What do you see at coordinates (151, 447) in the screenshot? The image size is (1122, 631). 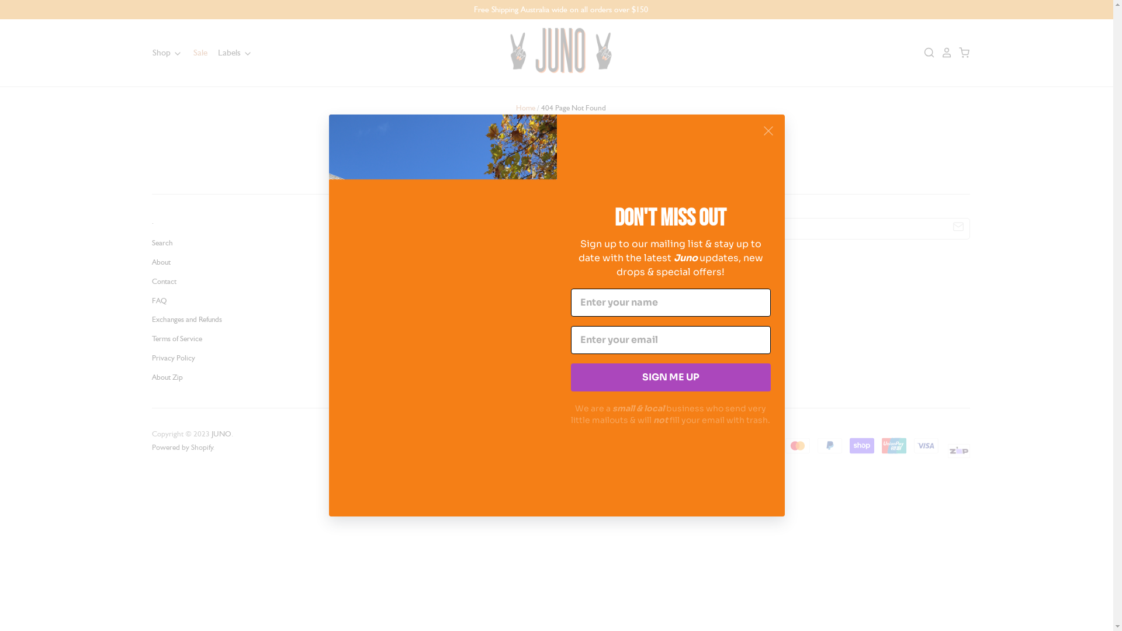 I see `'Powered by Shopify'` at bounding box center [151, 447].